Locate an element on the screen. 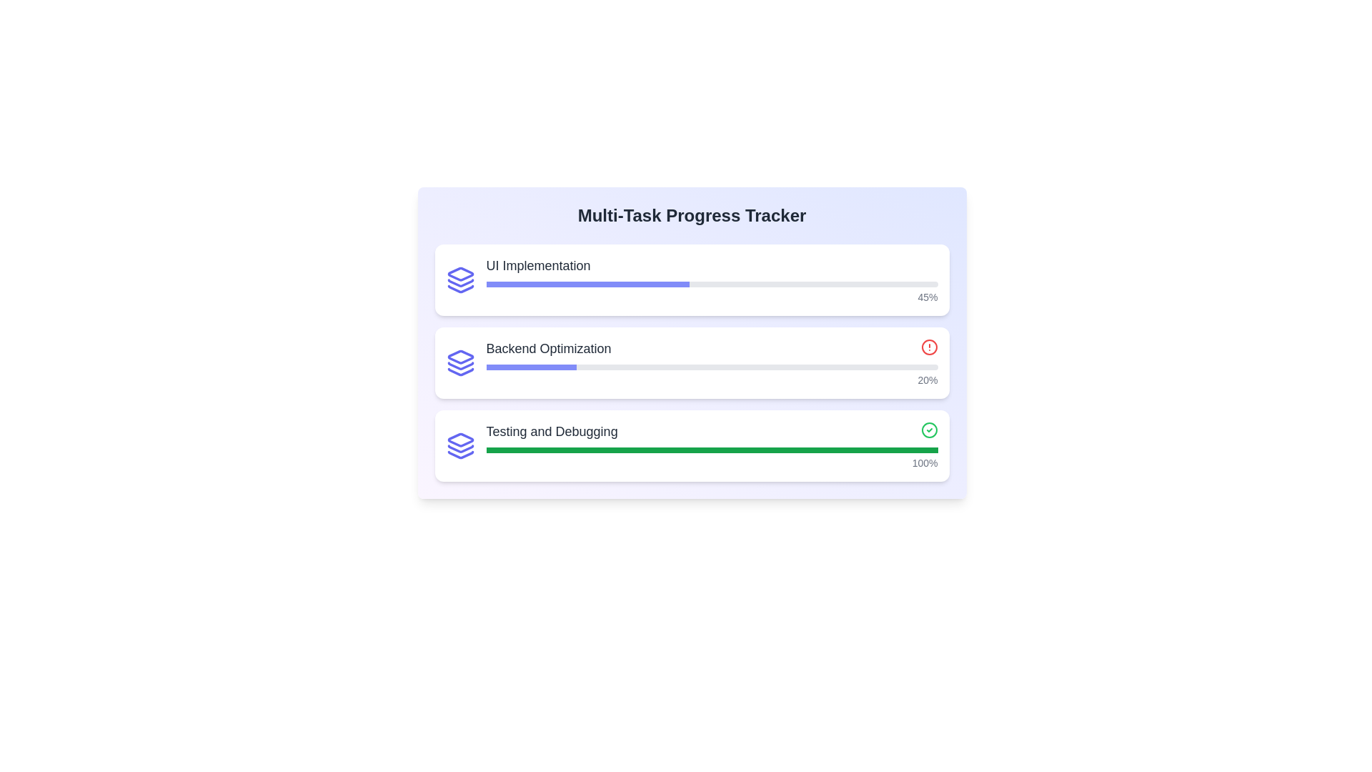  the progress bar titled 'UI Implementation' that displays '45%' on the right side, located in the first card of the stacked list of progress indicators is located at coordinates (712, 280).